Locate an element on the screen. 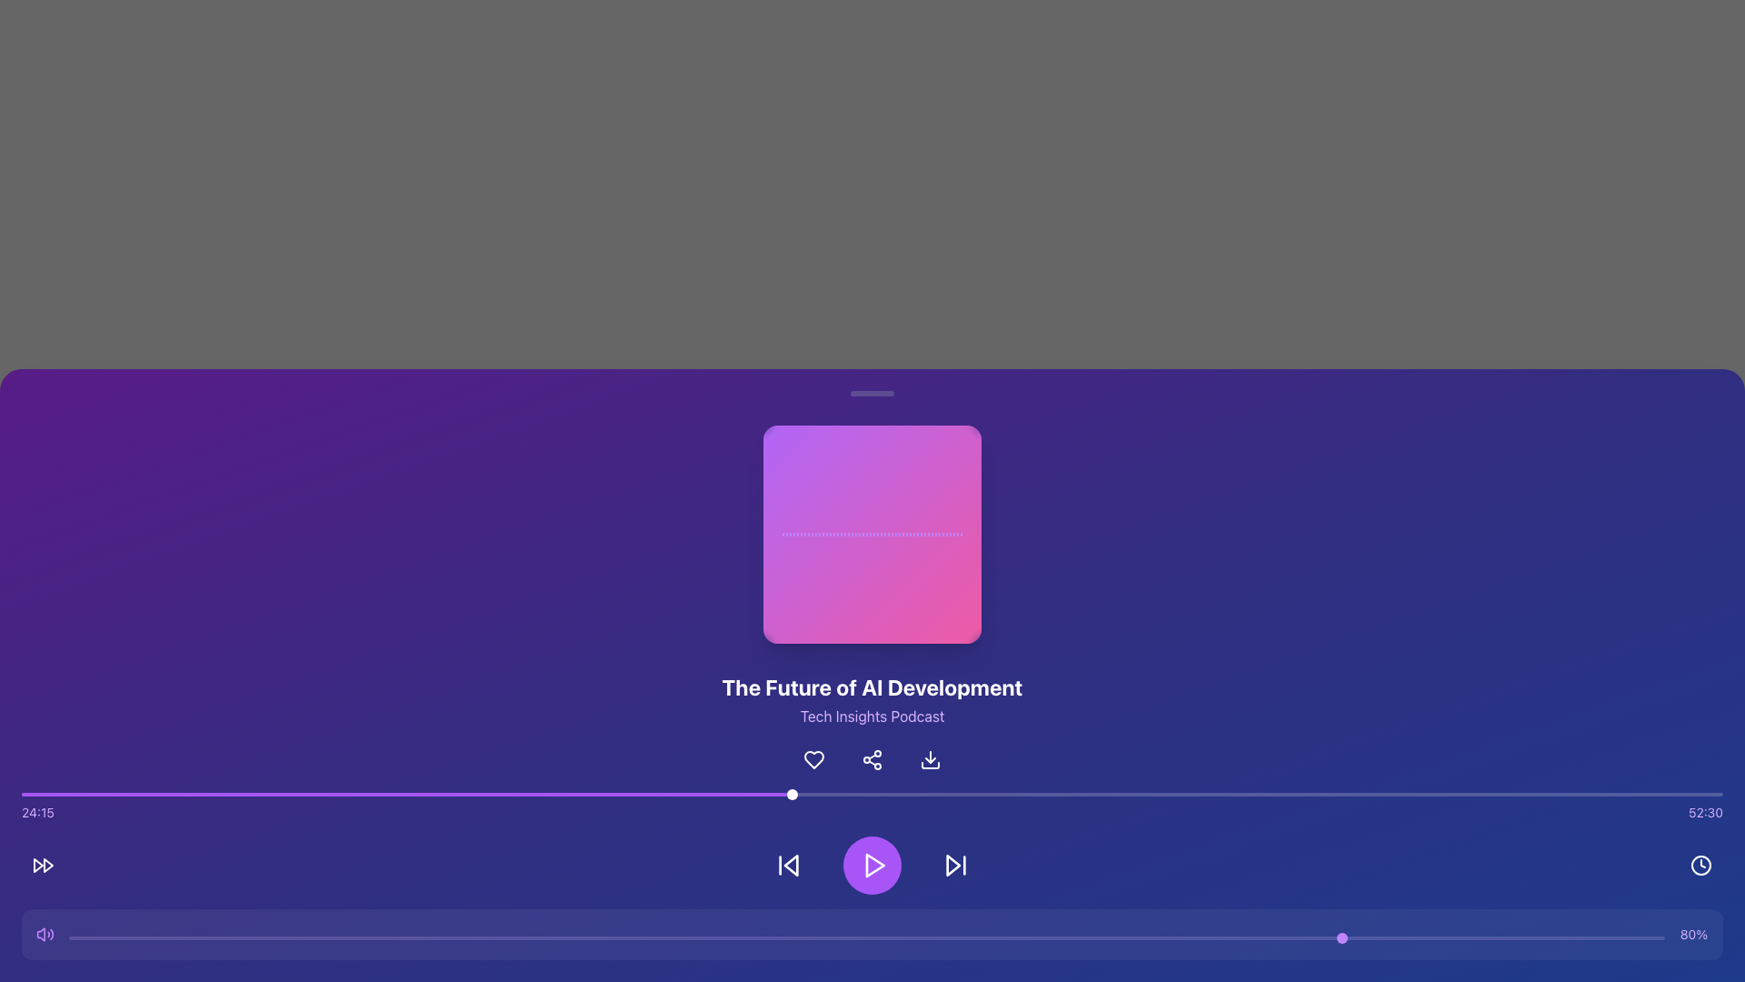 The image size is (1745, 982). the play icon located within the circular purple button in the bottom control area is located at coordinates (873, 865).